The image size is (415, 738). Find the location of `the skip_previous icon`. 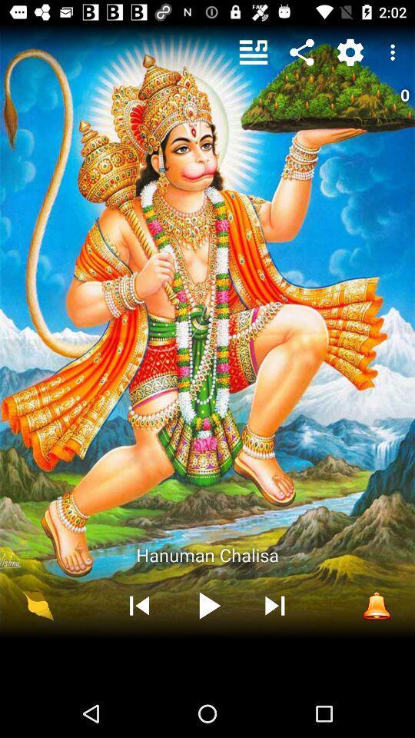

the skip_previous icon is located at coordinates (139, 606).